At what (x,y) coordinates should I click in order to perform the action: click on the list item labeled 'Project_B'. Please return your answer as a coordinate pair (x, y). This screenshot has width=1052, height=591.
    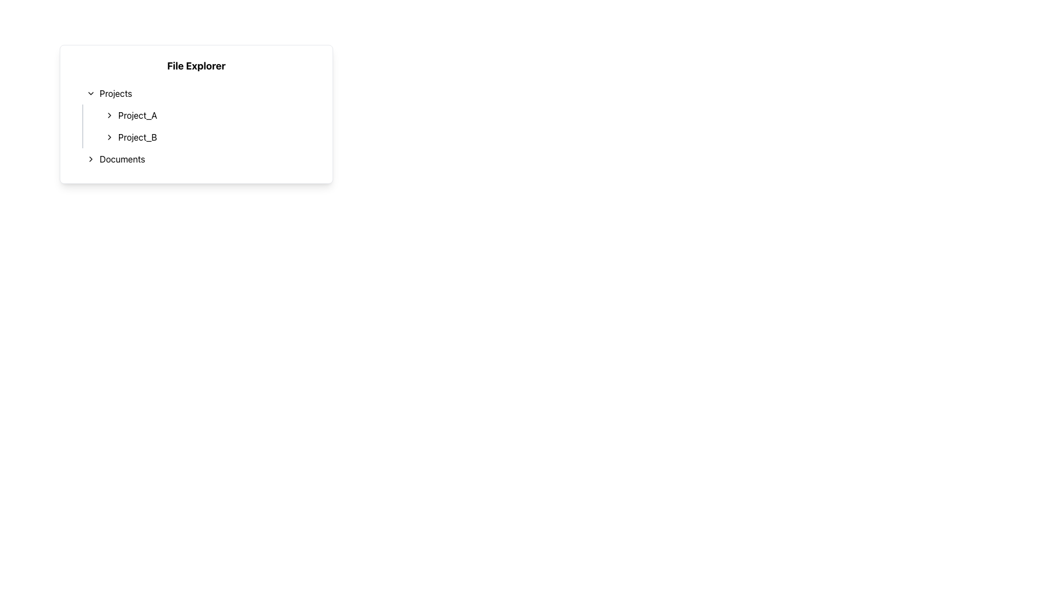
    Looking at the image, I should click on (205, 136).